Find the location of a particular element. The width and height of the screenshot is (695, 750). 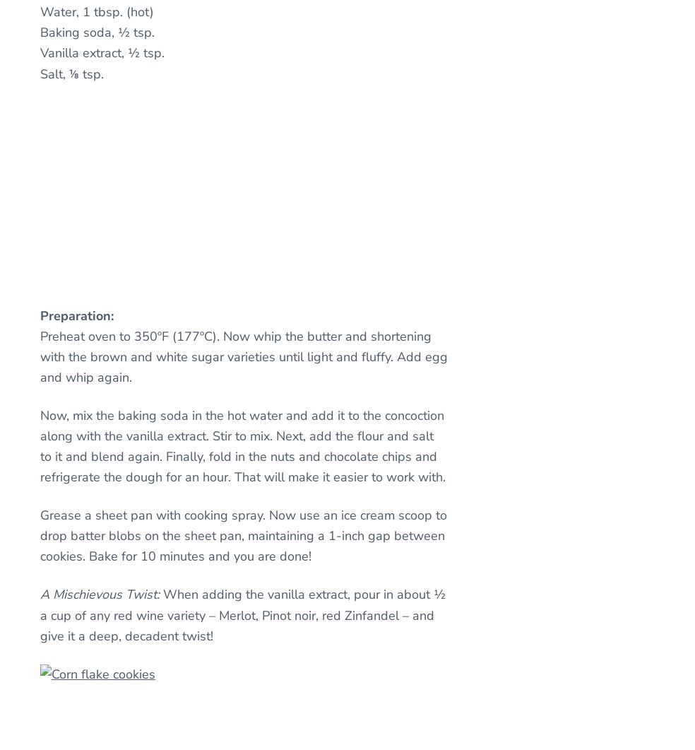

'Water, 1 tbsp. (hot)' is located at coordinates (97, 11).